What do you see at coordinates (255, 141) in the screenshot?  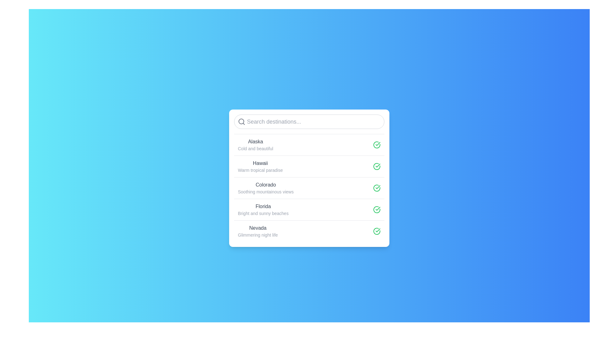 I see `text content of the text label displaying 'Alaska', which is the first item in the list of destinations located directly below the search bar` at bounding box center [255, 141].